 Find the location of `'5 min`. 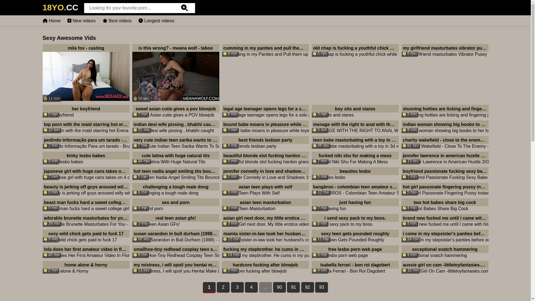

'5 min is located at coordinates (85, 158).